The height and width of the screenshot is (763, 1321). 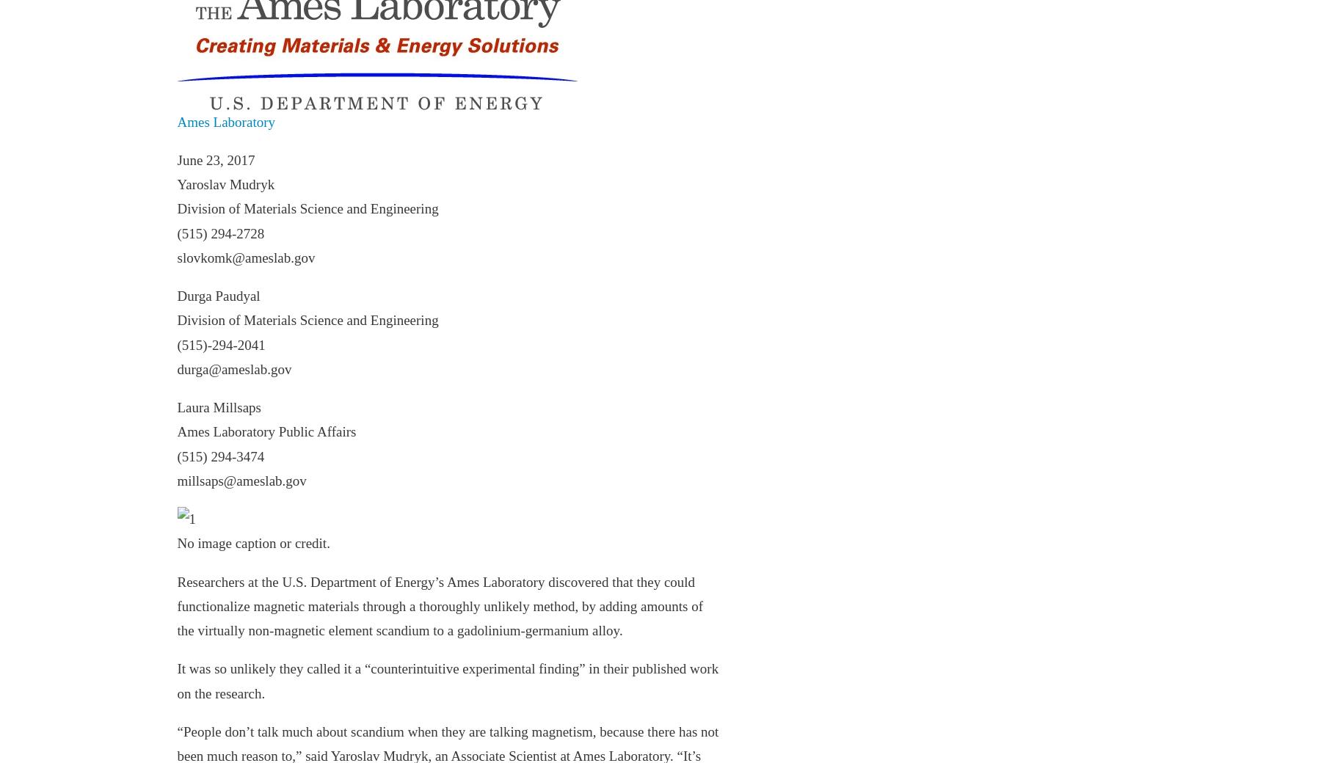 I want to click on '(515)-294-2041', so click(x=219, y=344).